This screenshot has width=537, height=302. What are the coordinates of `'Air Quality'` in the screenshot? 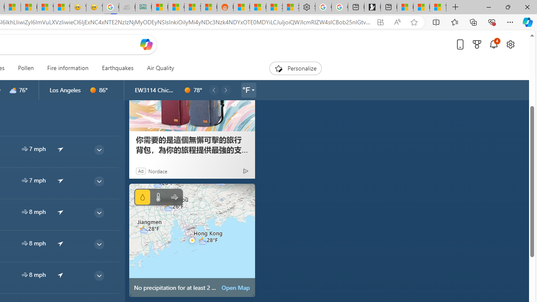 It's located at (157, 68).